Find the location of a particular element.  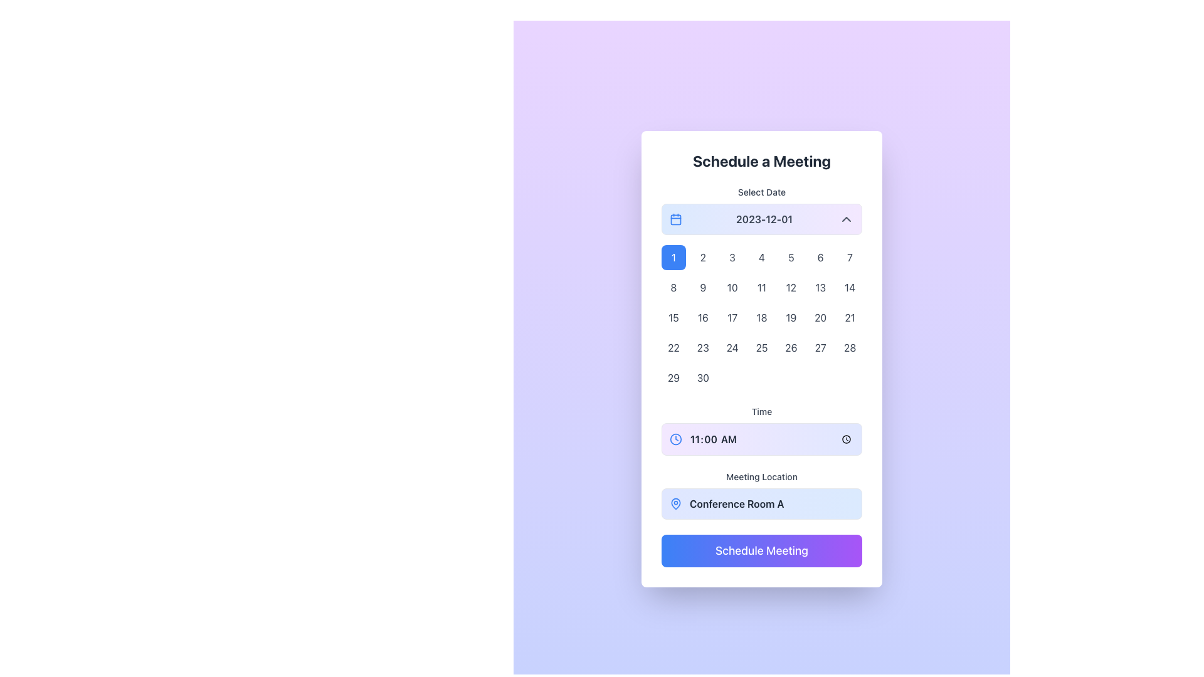

the calendar date button displaying '24' in the fourth row and fourth column of the calendar grid is located at coordinates (732, 348).